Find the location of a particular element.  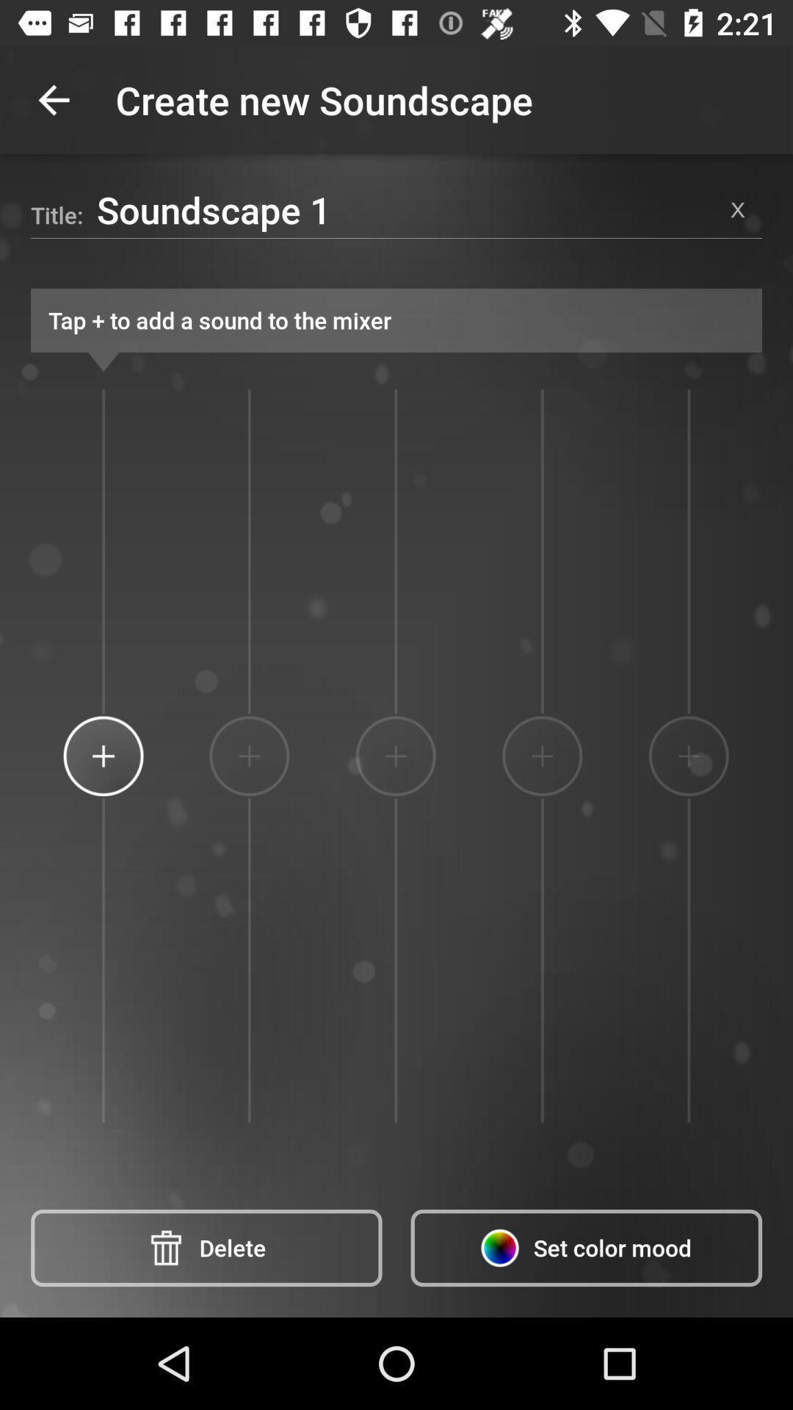

the item at the top right corner is located at coordinates (738, 209).